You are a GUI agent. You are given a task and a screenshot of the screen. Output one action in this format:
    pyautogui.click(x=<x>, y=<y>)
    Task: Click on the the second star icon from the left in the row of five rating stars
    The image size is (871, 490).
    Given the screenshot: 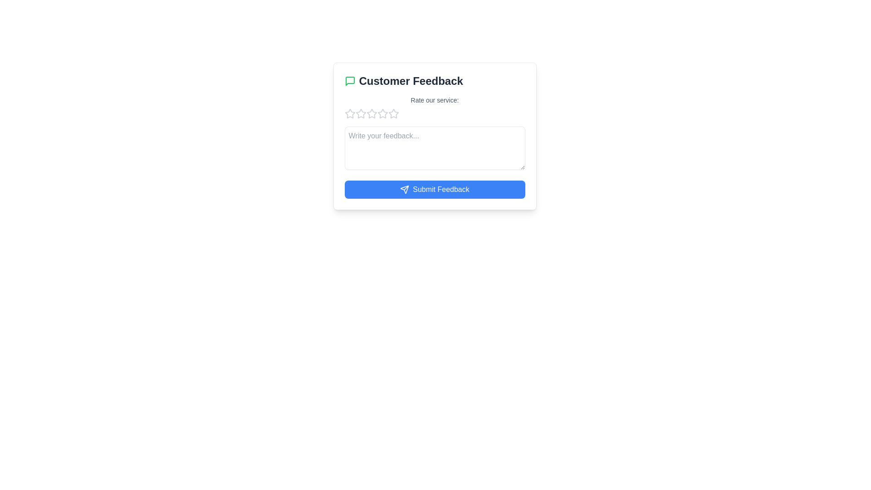 What is the action you would take?
    pyautogui.click(x=393, y=113)
    